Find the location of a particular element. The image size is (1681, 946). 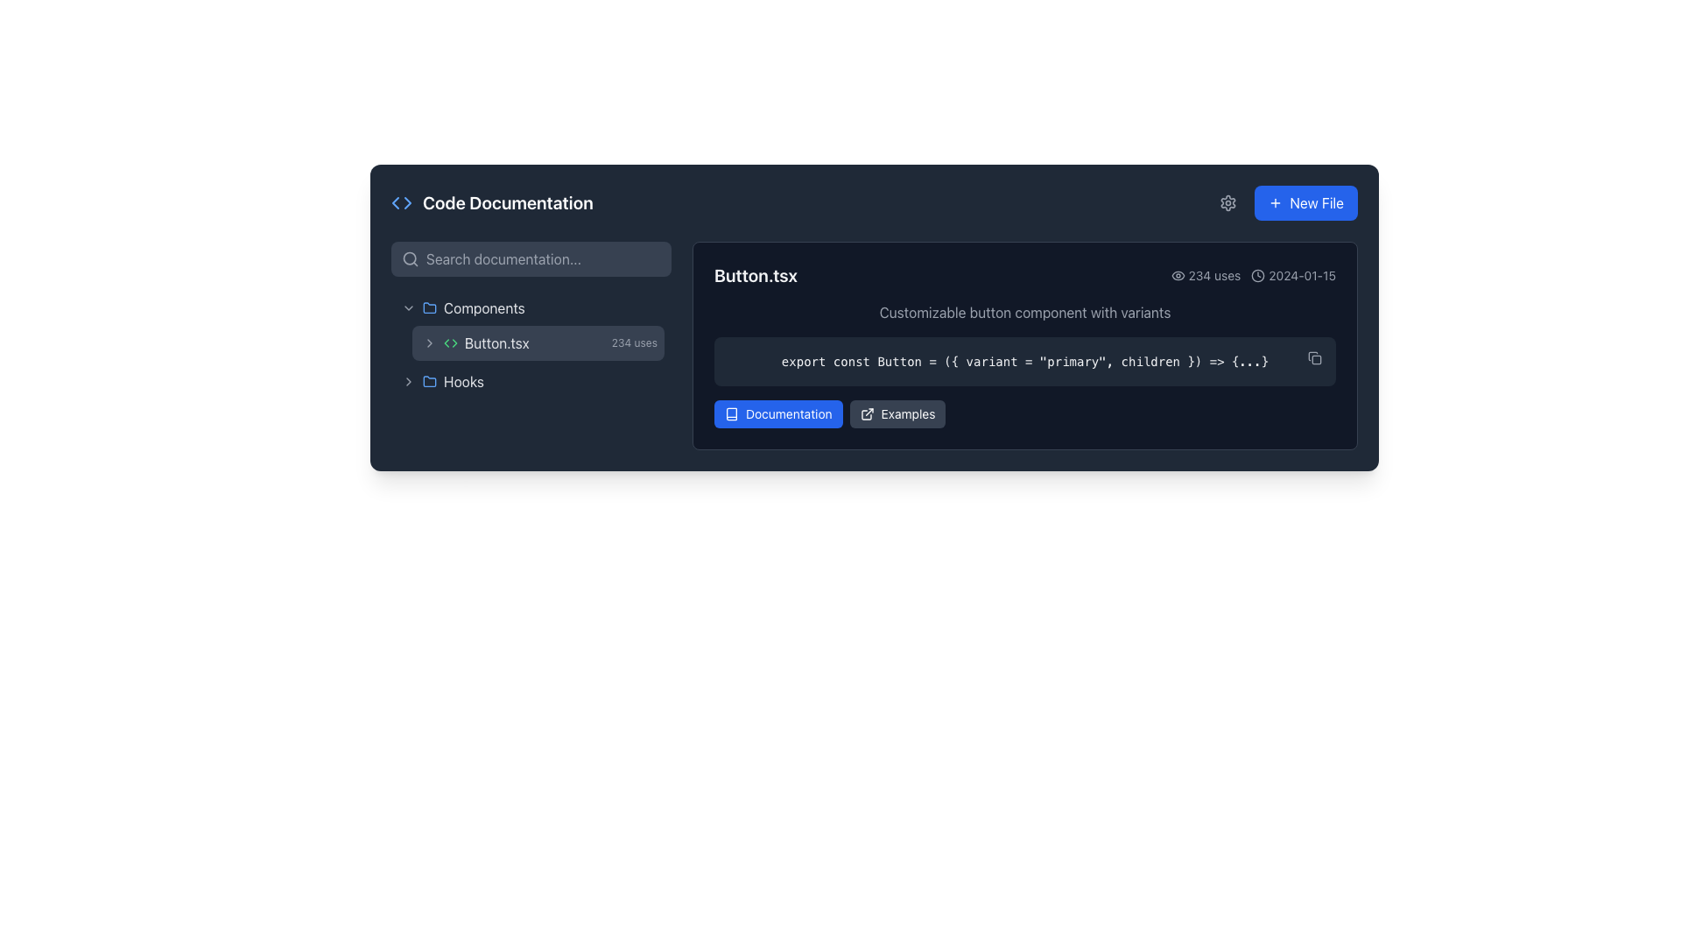

the search icon located on the leftmost side of the search bar at the top left corner of the interface is located at coordinates (410, 259).